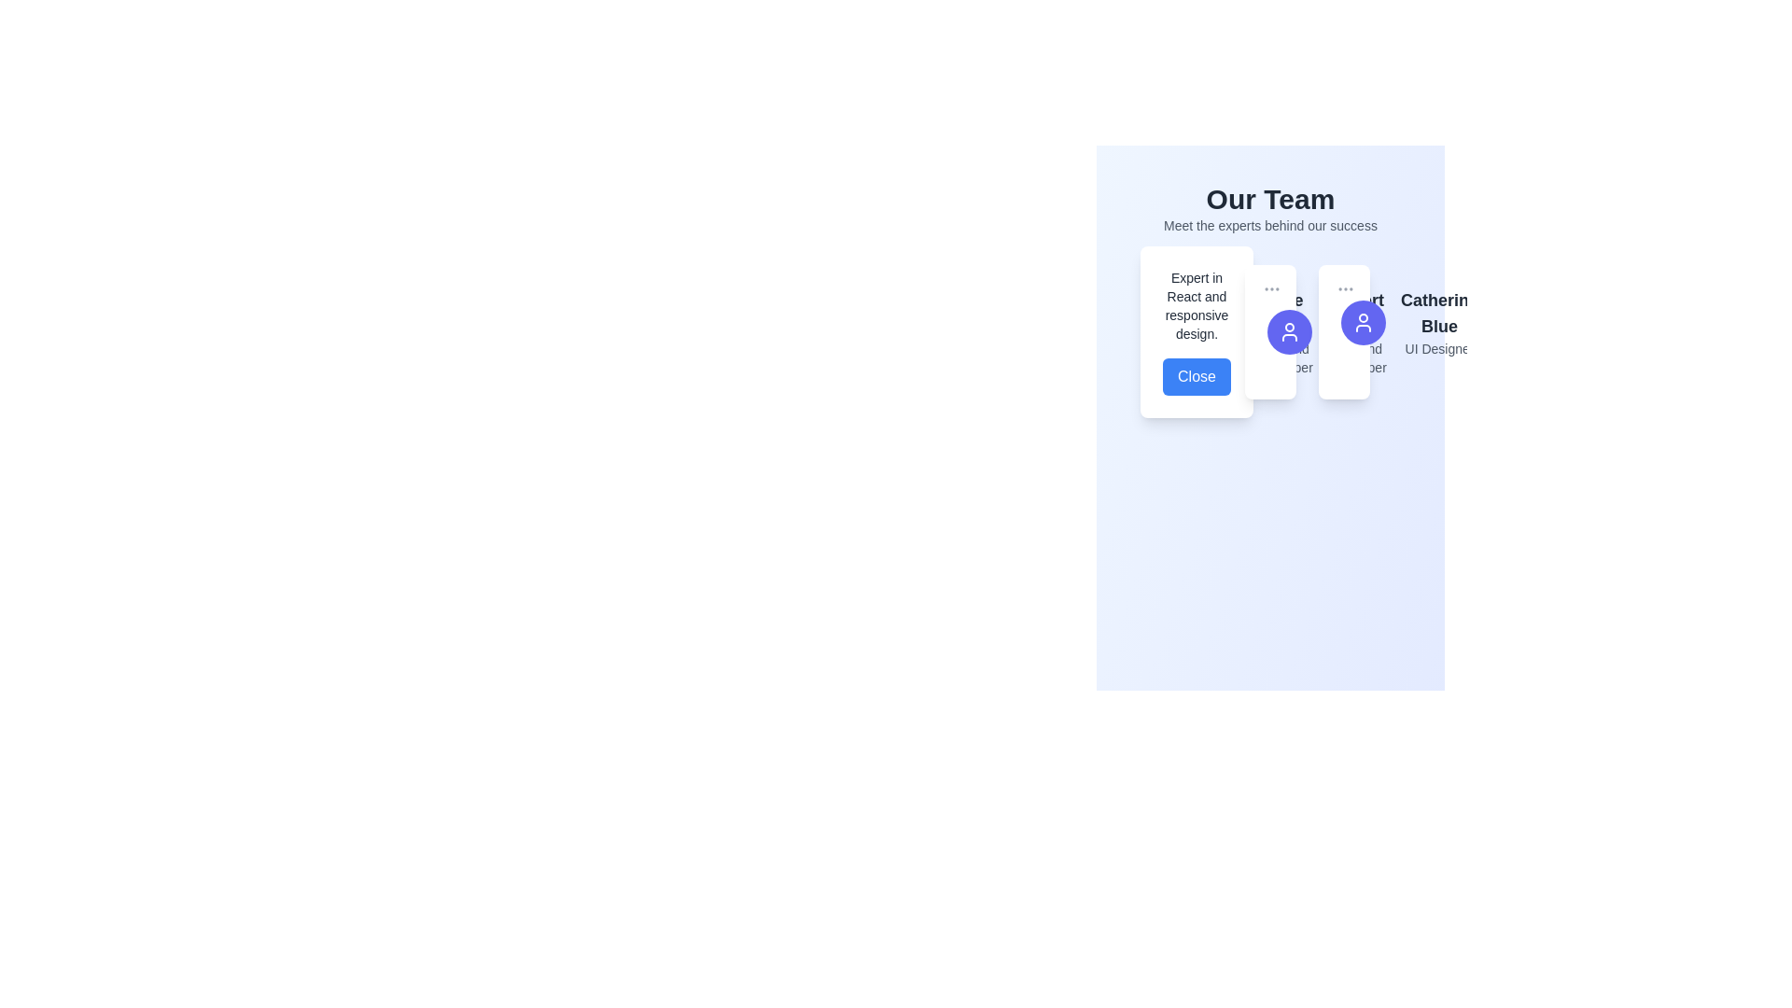 Image resolution: width=1792 pixels, height=1008 pixels. What do you see at coordinates (1344, 330) in the screenshot?
I see `the profile icon representing 'Catherine Blue', which is located in the middle of her card and aligned horizontally between 'Robert Brown' and 'Alice Green'` at bounding box center [1344, 330].